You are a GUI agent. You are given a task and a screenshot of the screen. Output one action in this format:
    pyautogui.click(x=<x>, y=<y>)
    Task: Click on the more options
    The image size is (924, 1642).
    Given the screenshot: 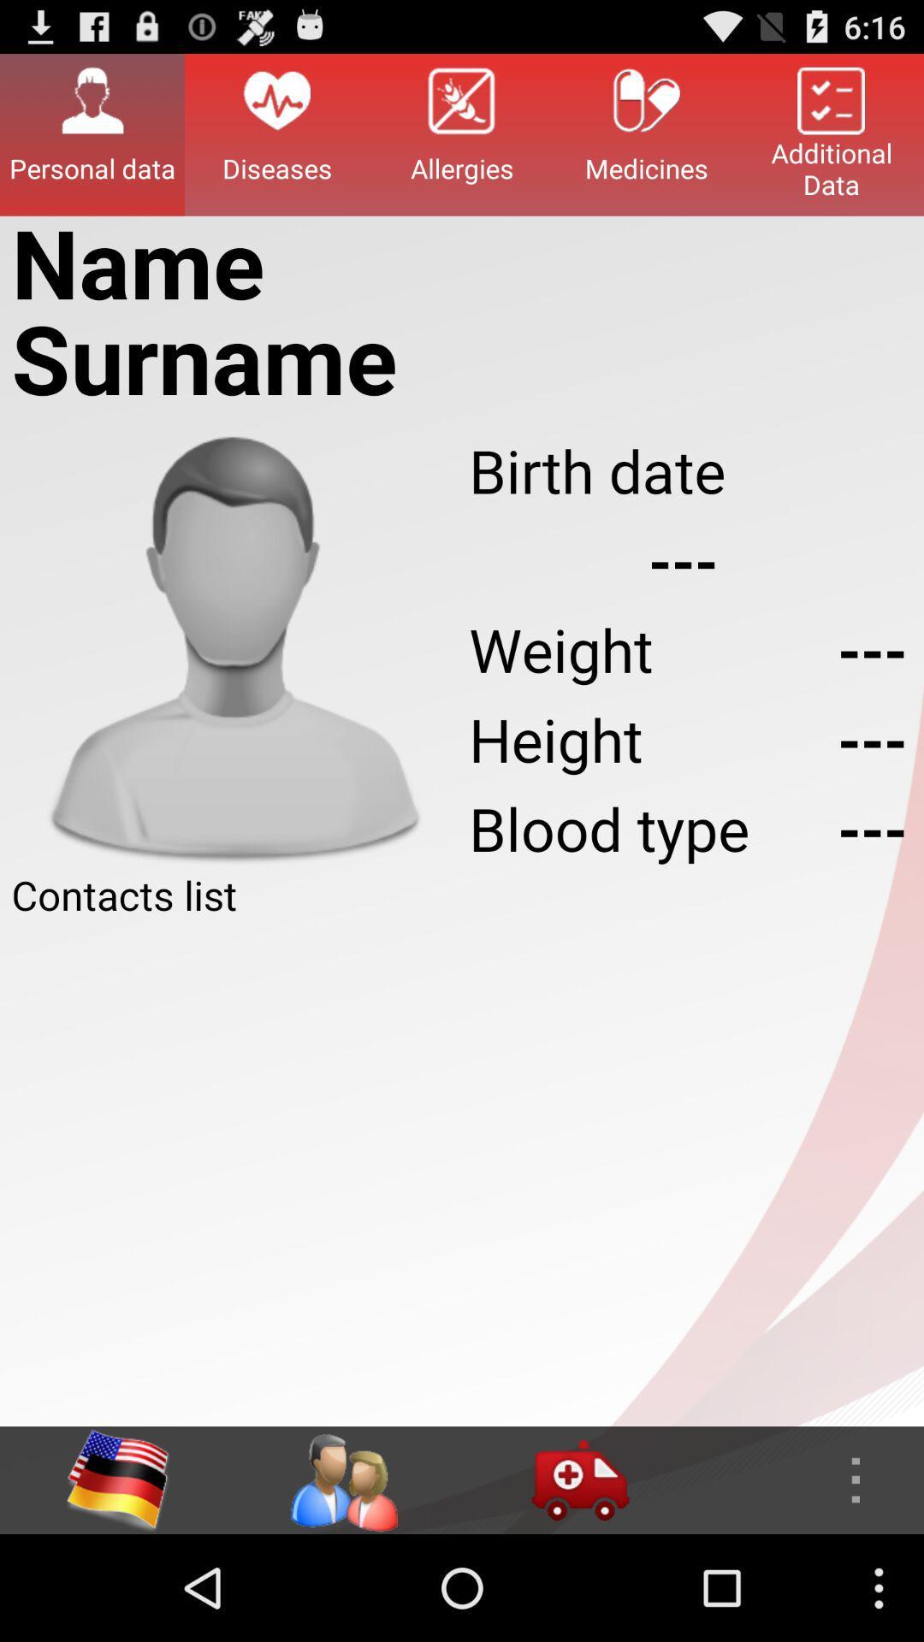 What is the action you would take?
    pyautogui.click(x=805, y=1480)
    